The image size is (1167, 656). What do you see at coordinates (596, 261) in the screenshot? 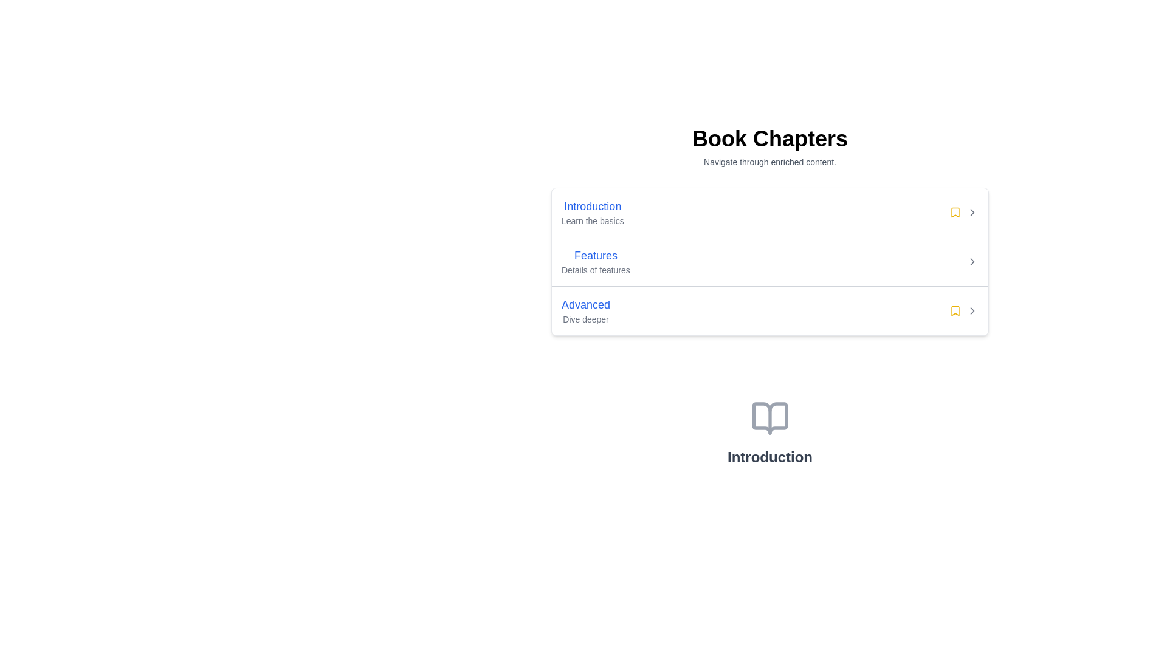
I see `description of the 'Features' text link, which is the second item in a list of chapter links and contains two lines of text, with the top line being larger and blue, and the bottom line being smaller and gray` at bounding box center [596, 261].